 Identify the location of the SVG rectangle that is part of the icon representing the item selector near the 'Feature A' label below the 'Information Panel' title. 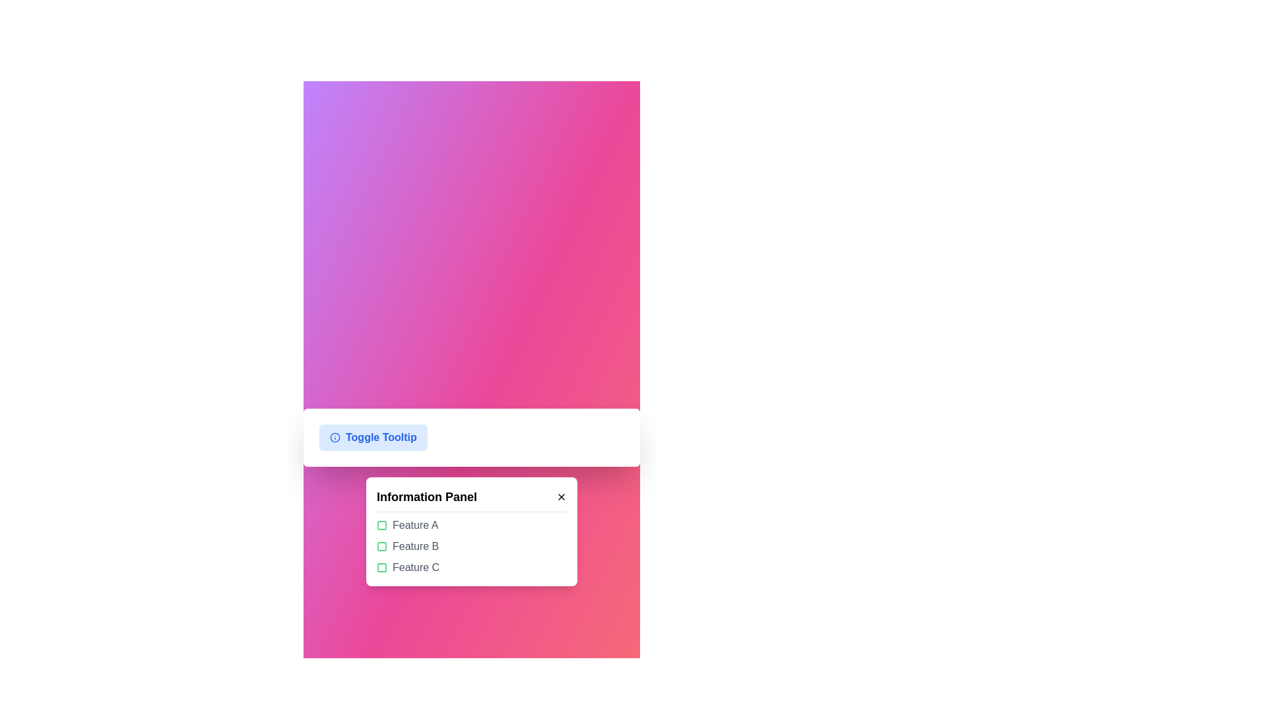
(381, 524).